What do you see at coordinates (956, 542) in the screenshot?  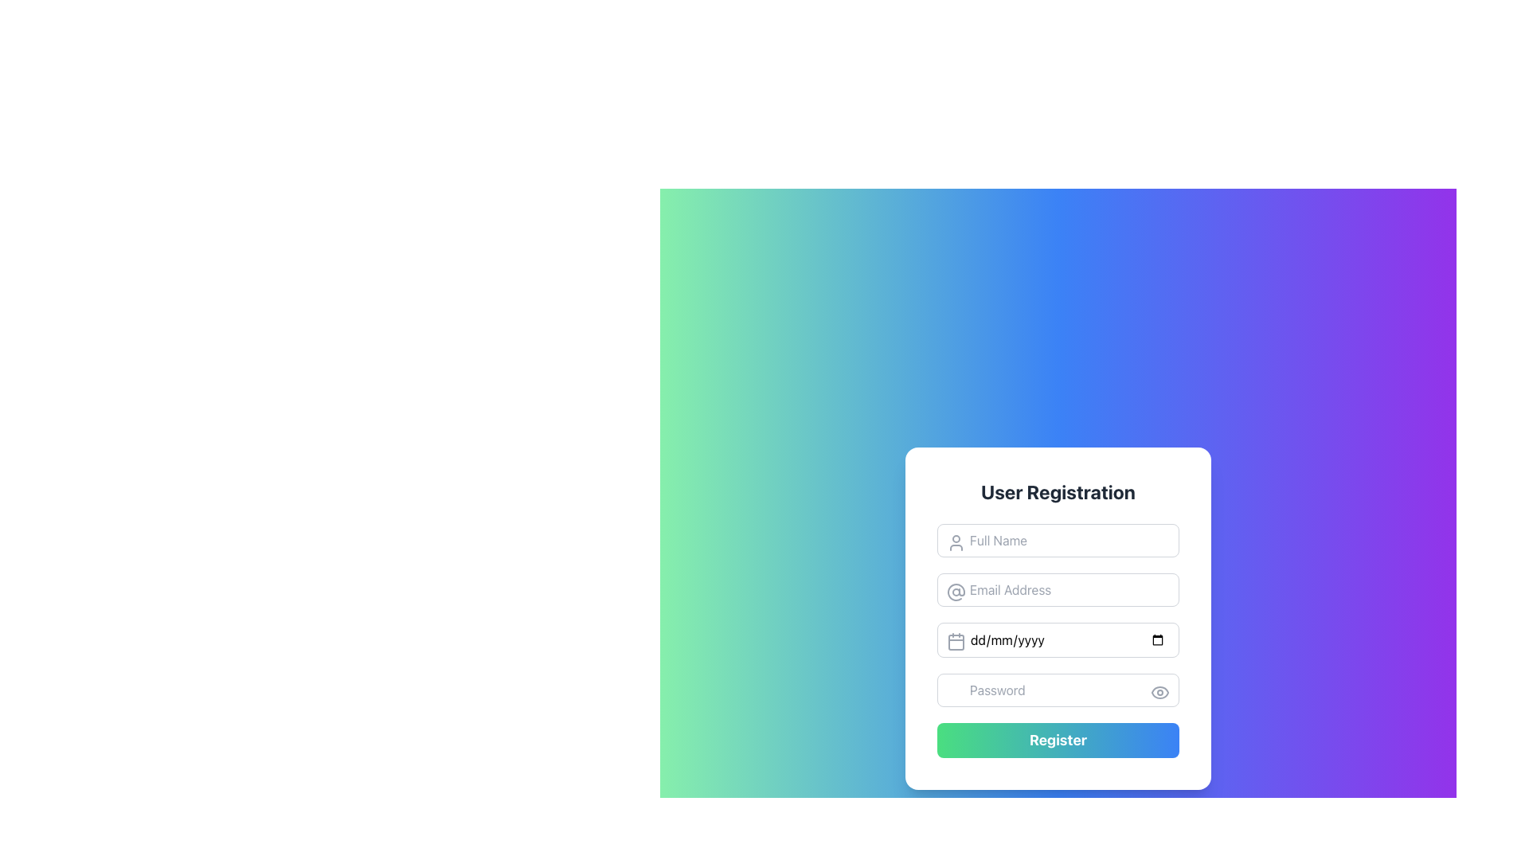 I see `the Decorative icon, which is a minimalist outline of a head and shoulders in gray color, located at the left side within the 'Full Name' text input field in the registration form` at bounding box center [956, 542].